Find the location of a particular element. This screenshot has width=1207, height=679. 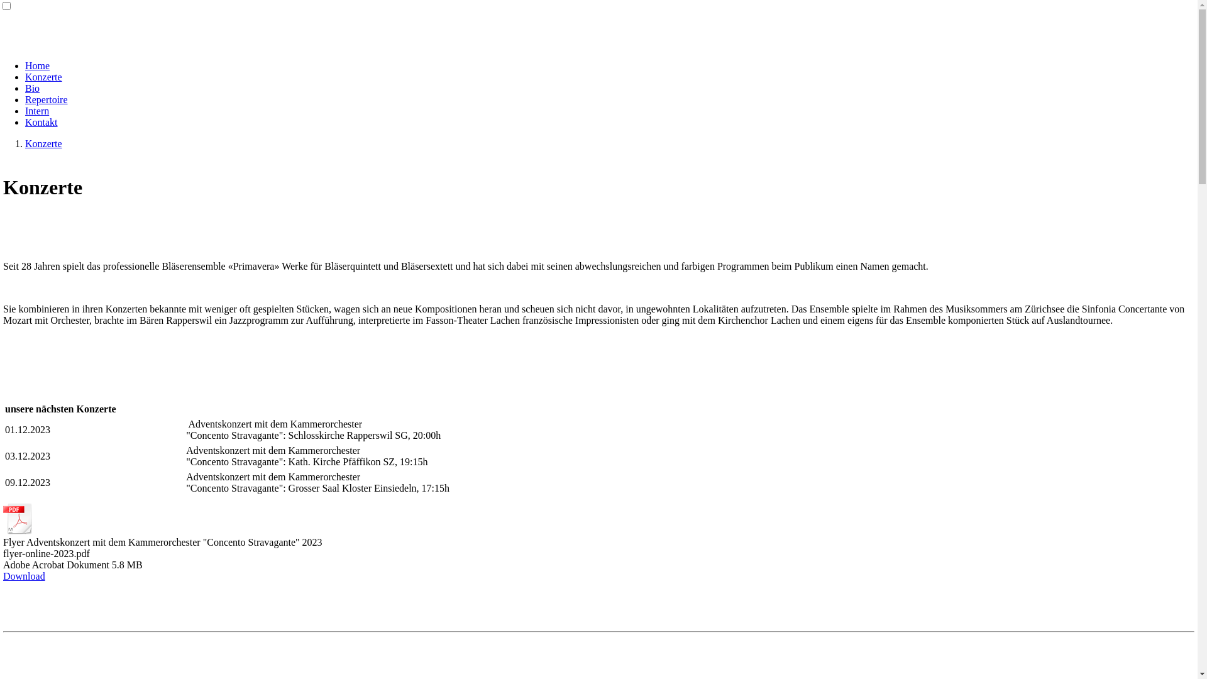

'Konzerte' is located at coordinates (43, 143).